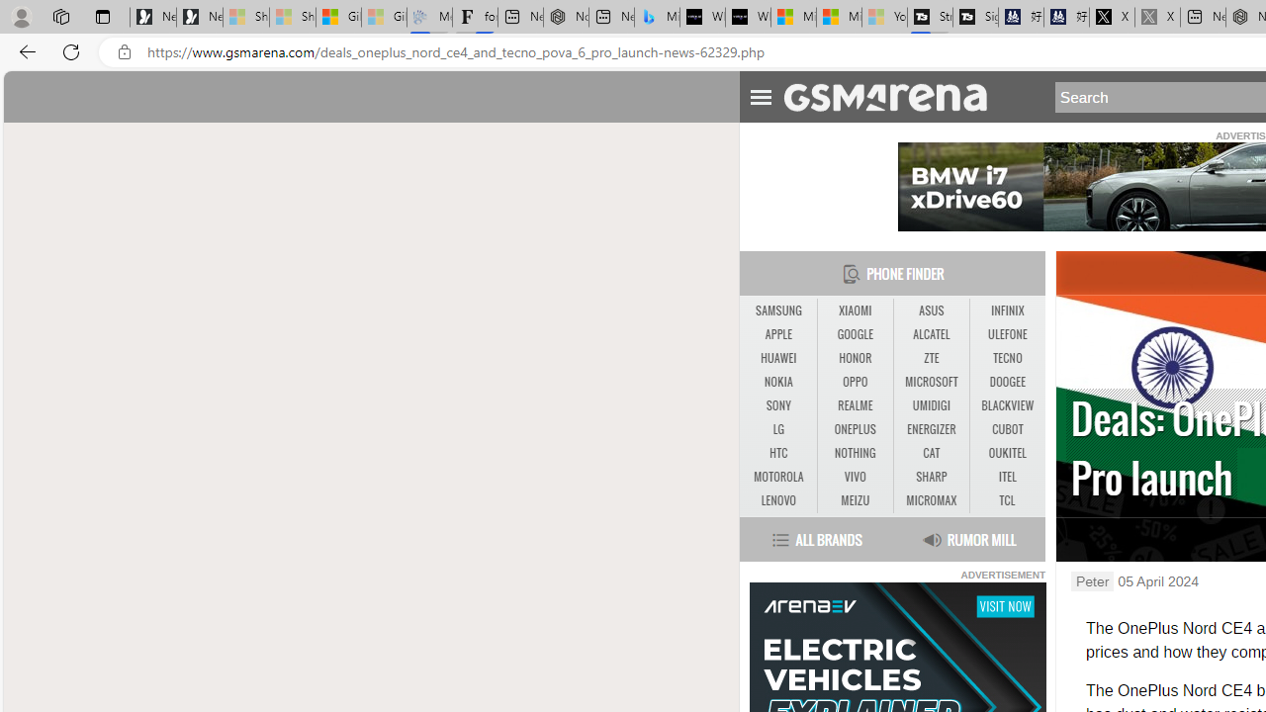 This screenshot has height=712, width=1266. Describe the element at coordinates (930, 311) in the screenshot. I see `'ASUS'` at that location.